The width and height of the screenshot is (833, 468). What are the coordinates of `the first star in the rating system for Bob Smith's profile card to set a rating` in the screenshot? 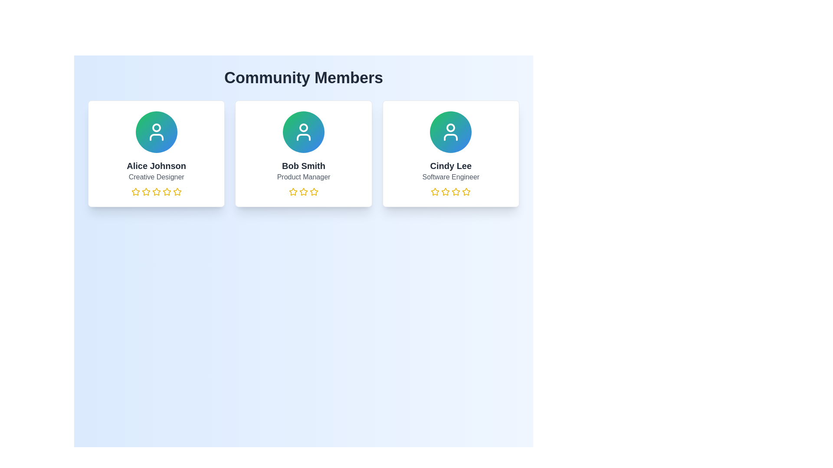 It's located at (293, 192).